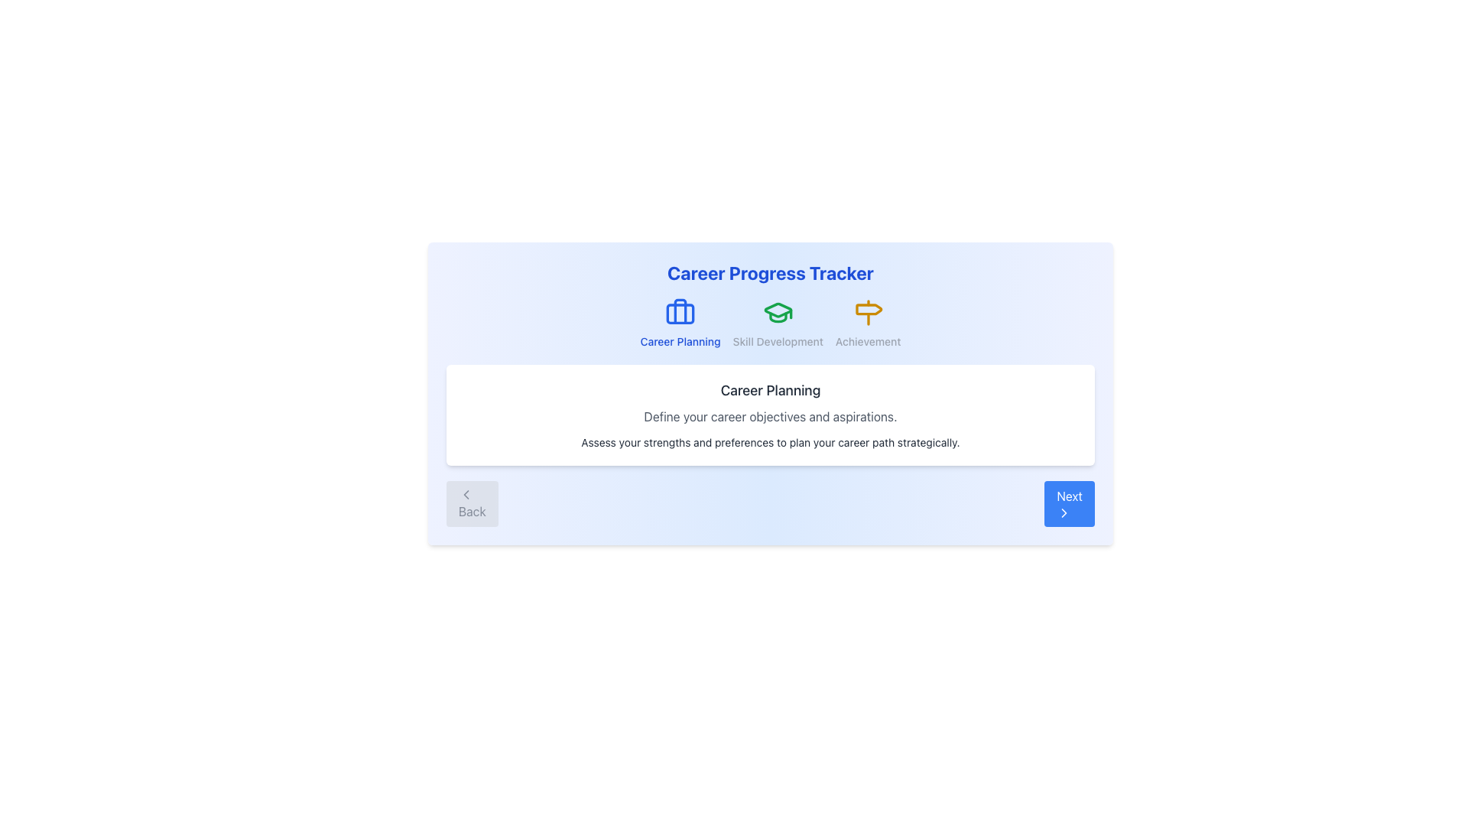  What do you see at coordinates (778, 311) in the screenshot?
I see `the graduation cap icon, which is outlined in green and located above the 'Skill Development' label in the second item of the horizontal menu` at bounding box center [778, 311].